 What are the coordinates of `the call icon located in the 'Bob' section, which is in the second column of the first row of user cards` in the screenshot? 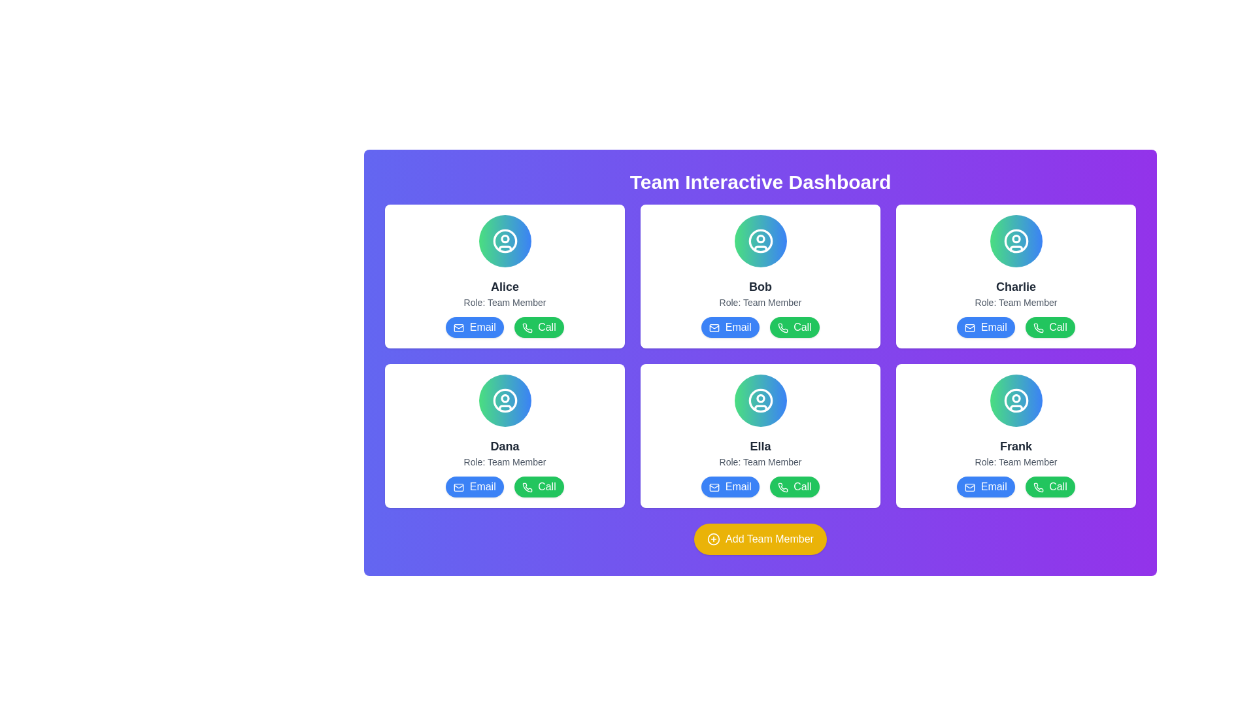 It's located at (782, 327).